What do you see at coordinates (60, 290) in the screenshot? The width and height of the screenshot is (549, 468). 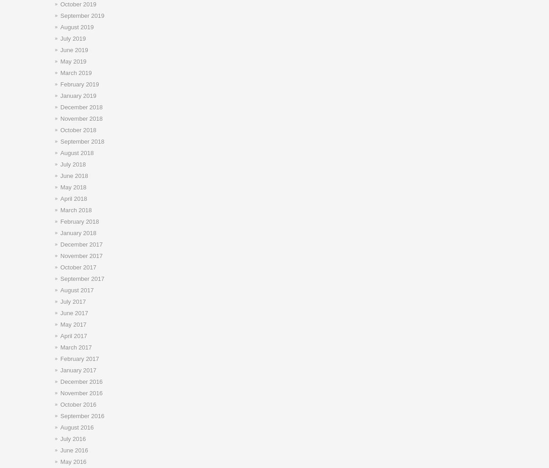 I see `'August 2017'` at bounding box center [60, 290].